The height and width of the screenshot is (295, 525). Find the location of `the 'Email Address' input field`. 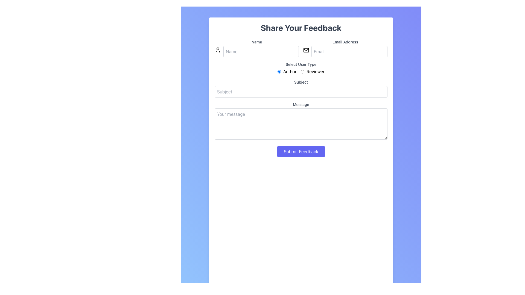

the 'Email Address' input field is located at coordinates (345, 48).